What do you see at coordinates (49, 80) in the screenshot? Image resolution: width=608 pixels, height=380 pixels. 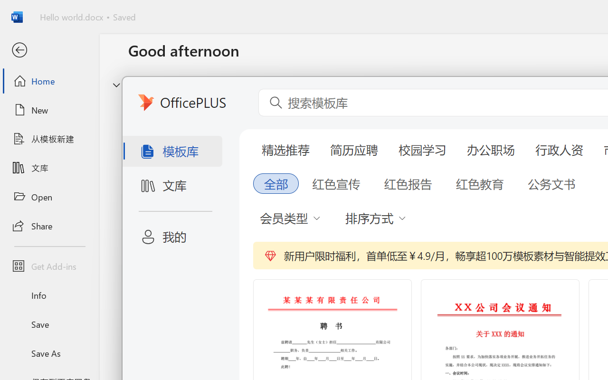 I see `'Home'` at bounding box center [49, 80].